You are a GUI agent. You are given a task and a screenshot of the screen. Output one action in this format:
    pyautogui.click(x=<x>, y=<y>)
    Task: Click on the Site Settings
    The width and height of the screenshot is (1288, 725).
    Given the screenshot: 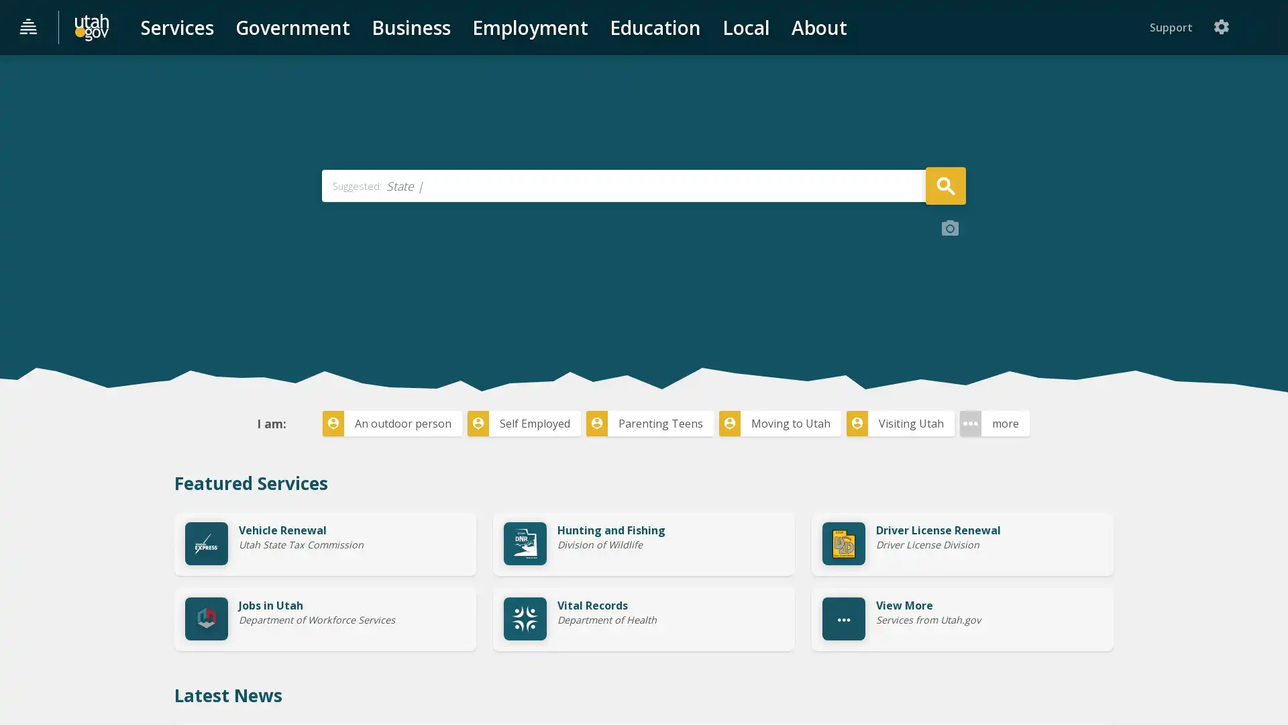 What is the action you would take?
    pyautogui.click(x=1264, y=27)
    